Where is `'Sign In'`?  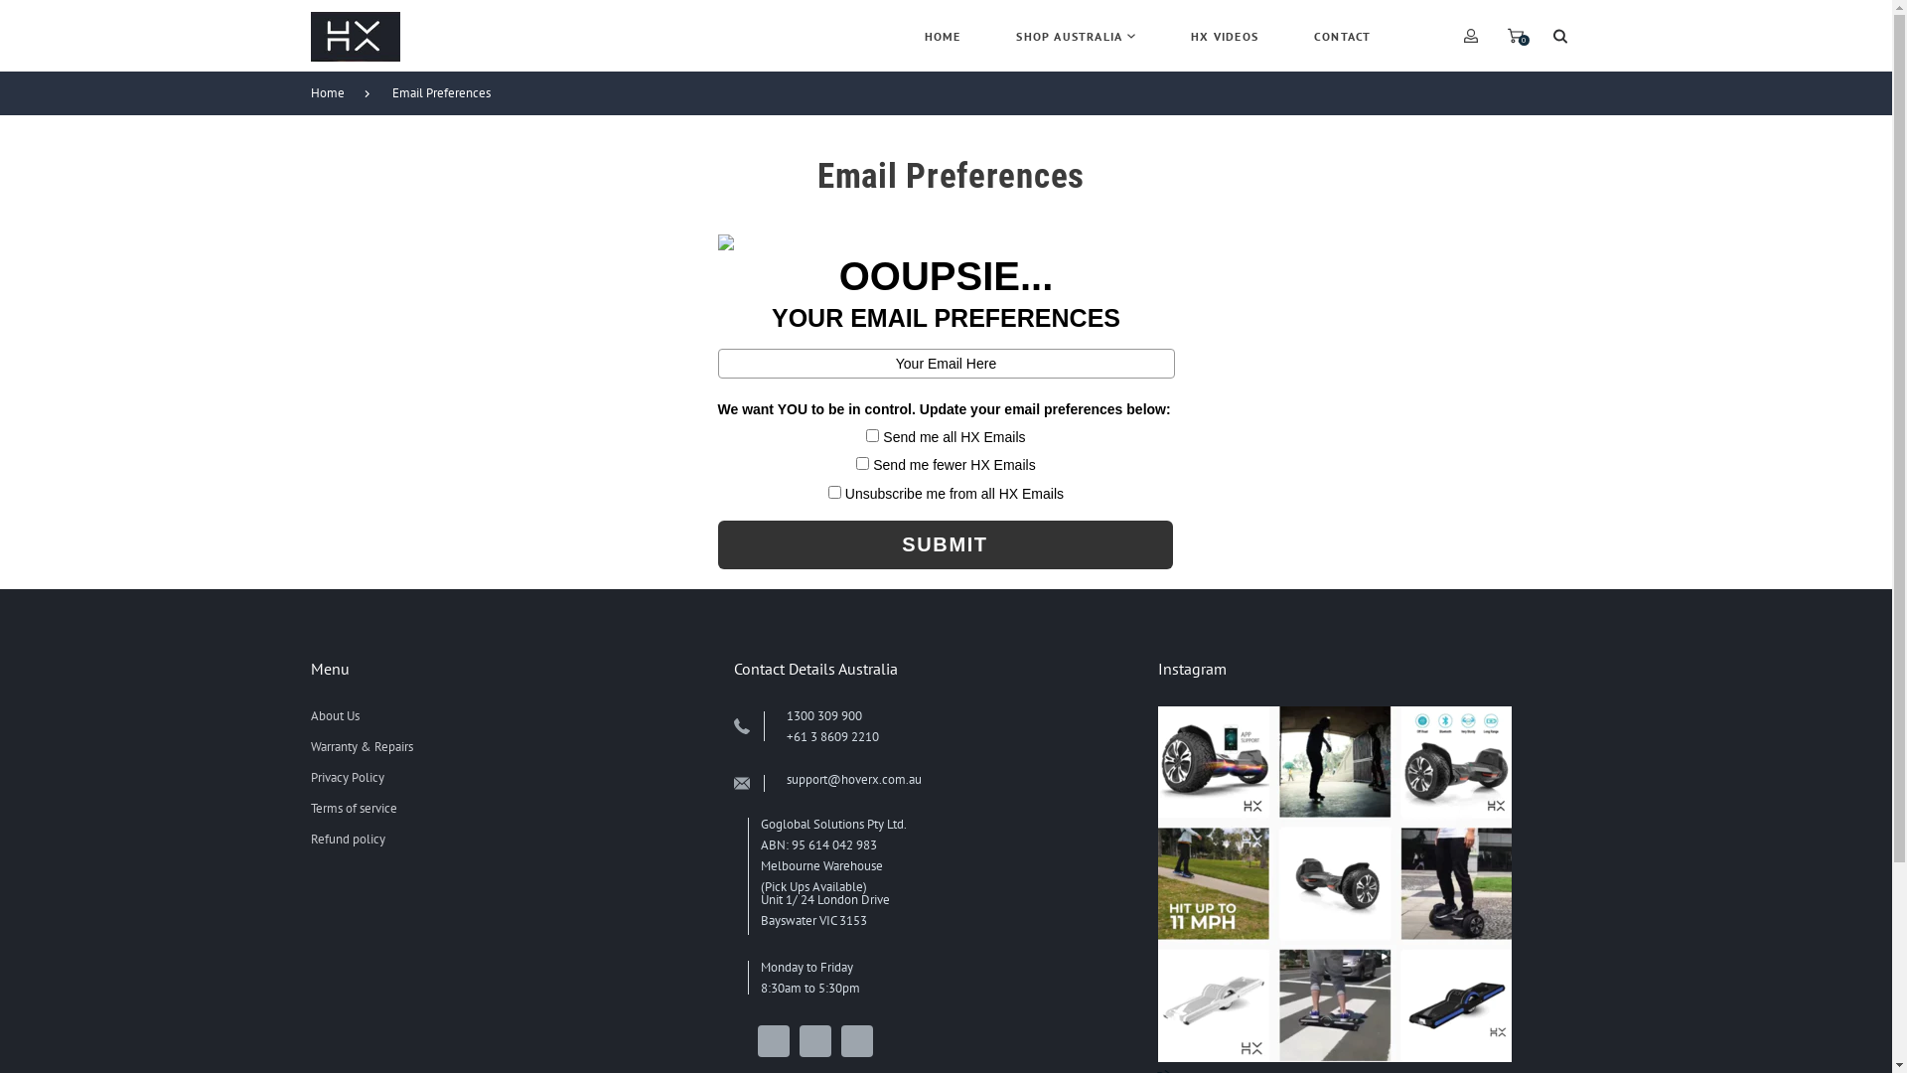 'Sign In' is located at coordinates (1324, 290).